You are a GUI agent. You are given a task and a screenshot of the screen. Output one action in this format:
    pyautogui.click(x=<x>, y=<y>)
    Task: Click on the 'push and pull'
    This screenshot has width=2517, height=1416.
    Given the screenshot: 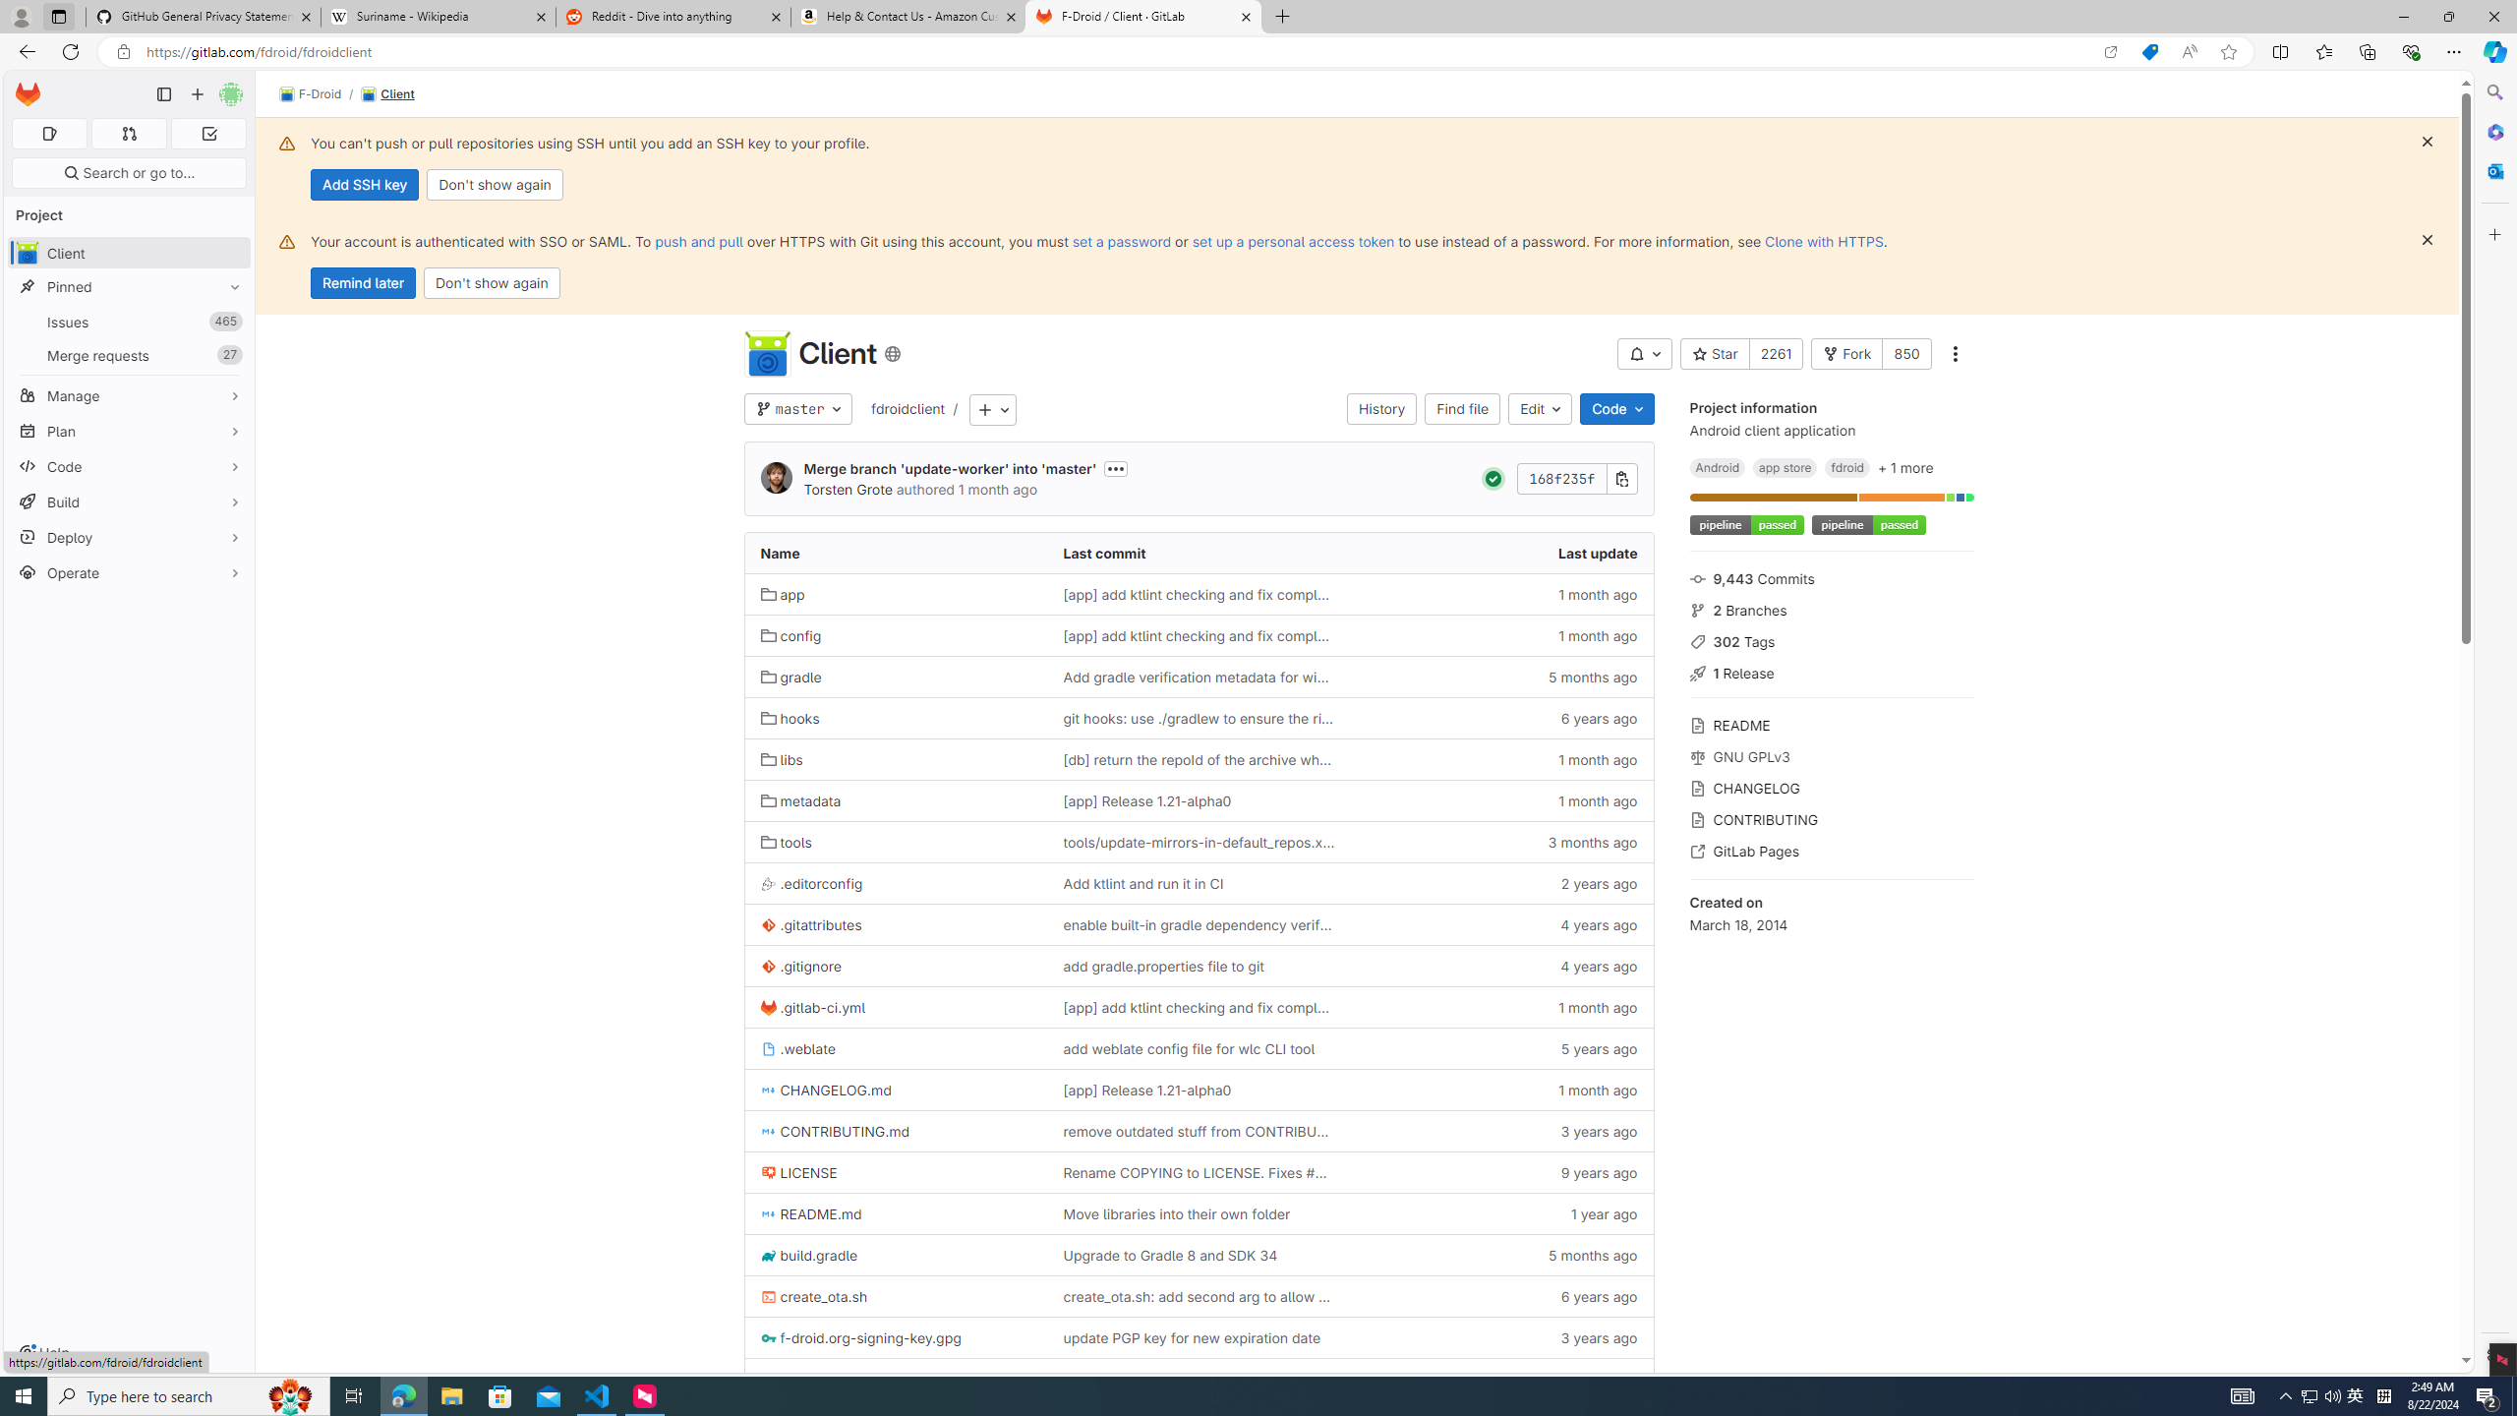 What is the action you would take?
    pyautogui.click(x=697, y=241)
    